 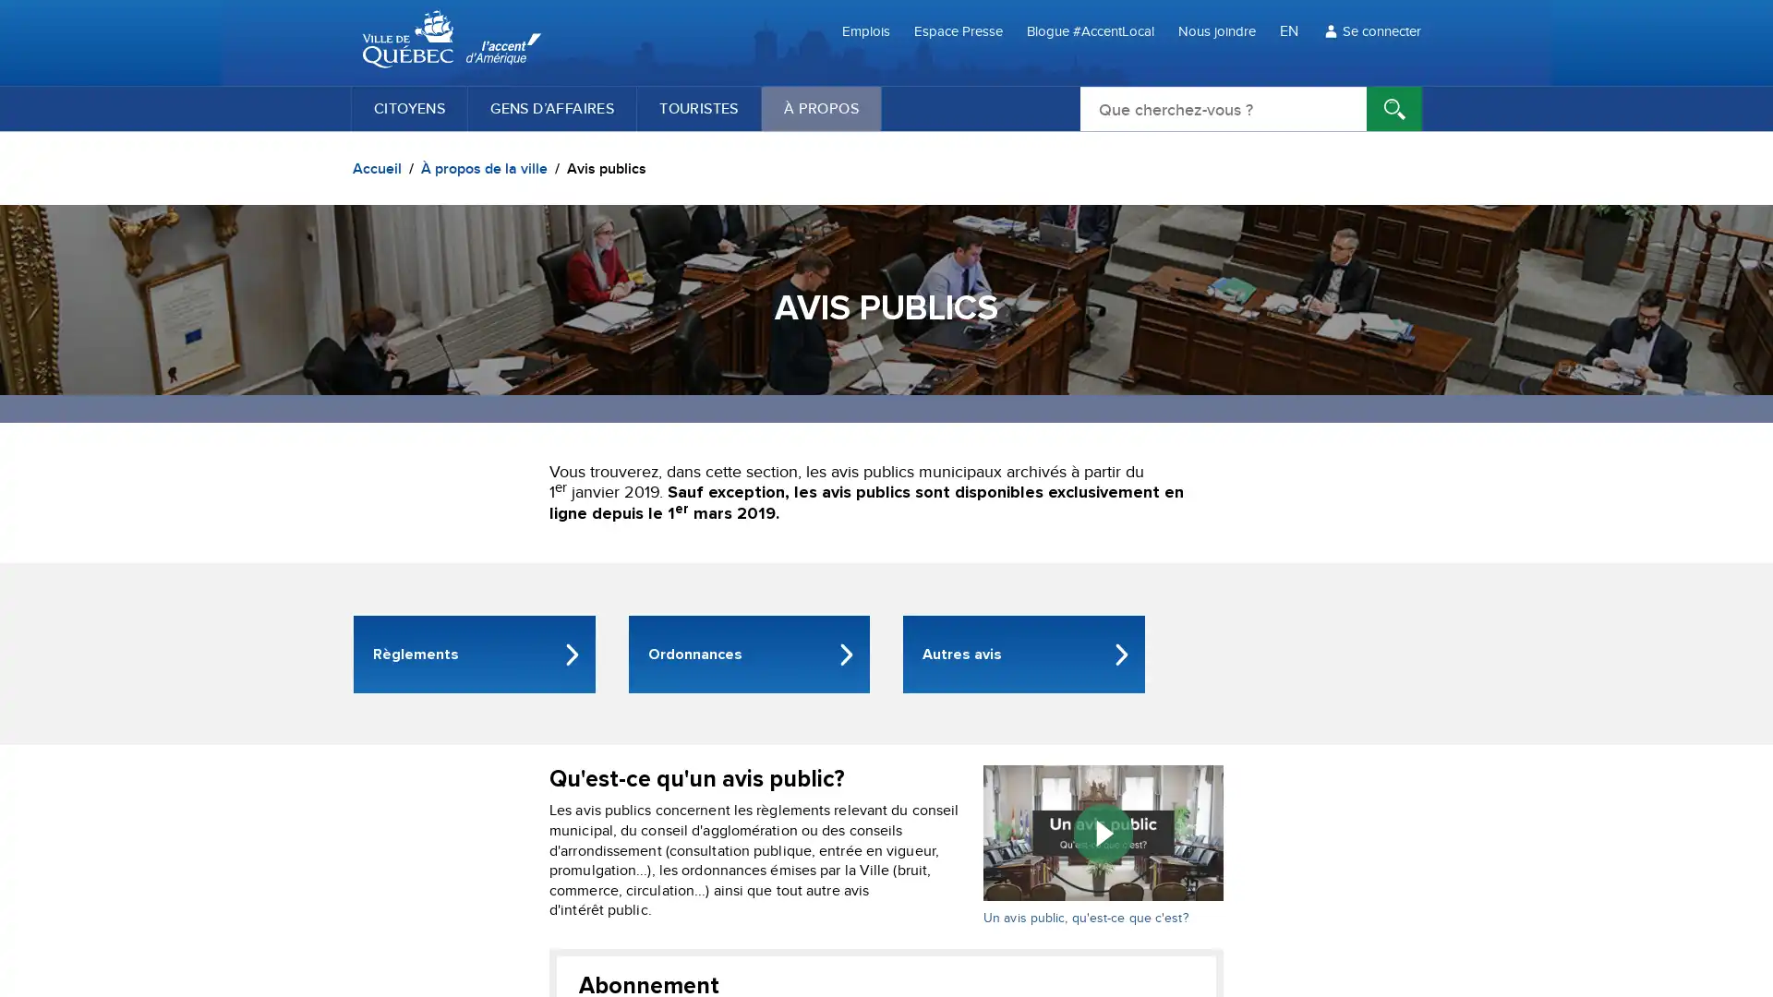 What do you see at coordinates (1394, 109) in the screenshot?
I see `Rechercher` at bounding box center [1394, 109].